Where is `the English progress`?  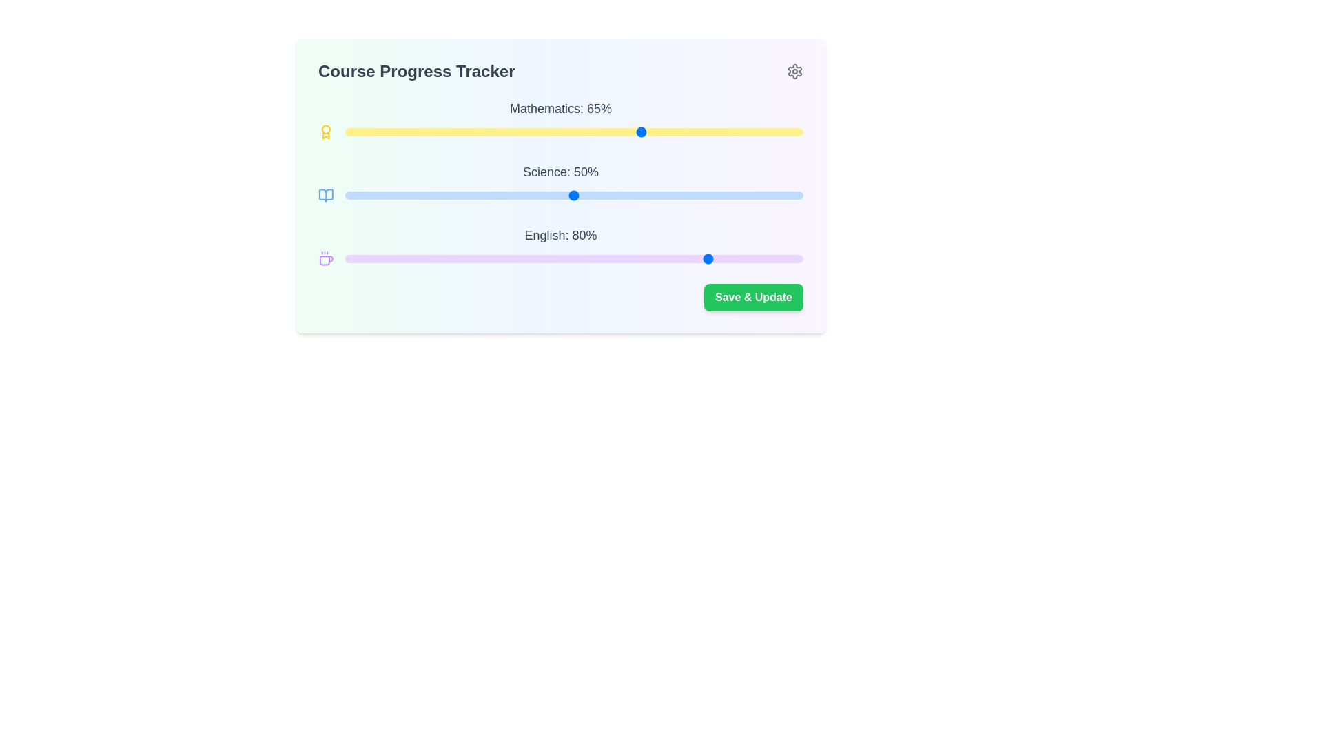 the English progress is located at coordinates (743, 258).